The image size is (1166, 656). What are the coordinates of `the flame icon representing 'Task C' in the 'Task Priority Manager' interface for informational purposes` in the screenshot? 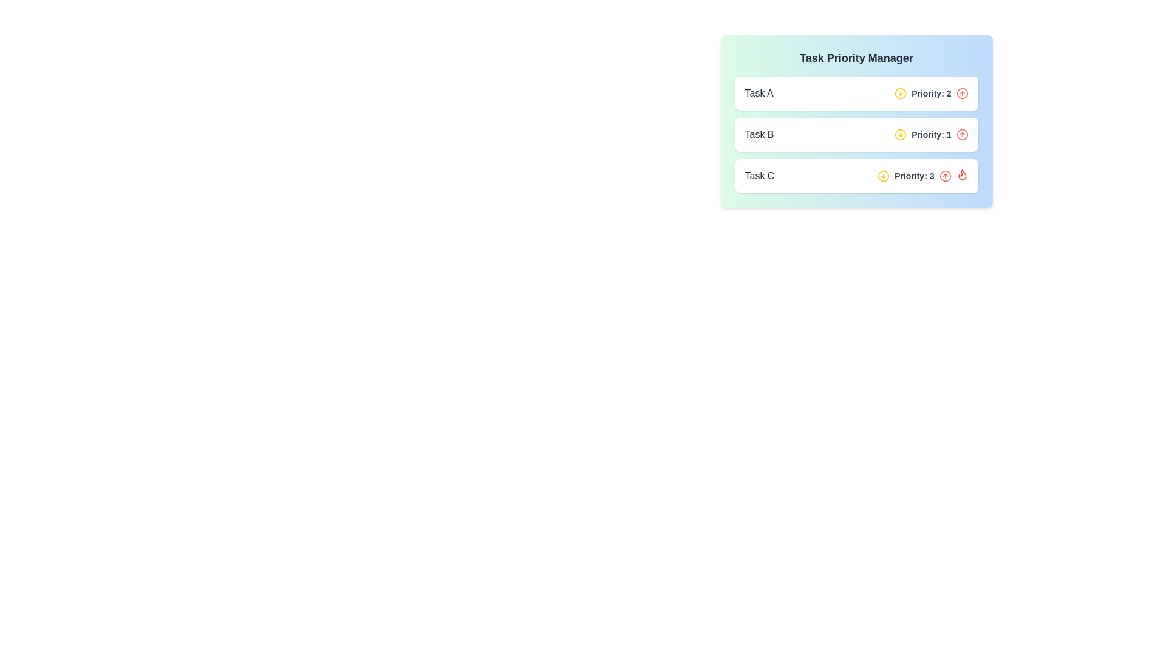 It's located at (961, 175).